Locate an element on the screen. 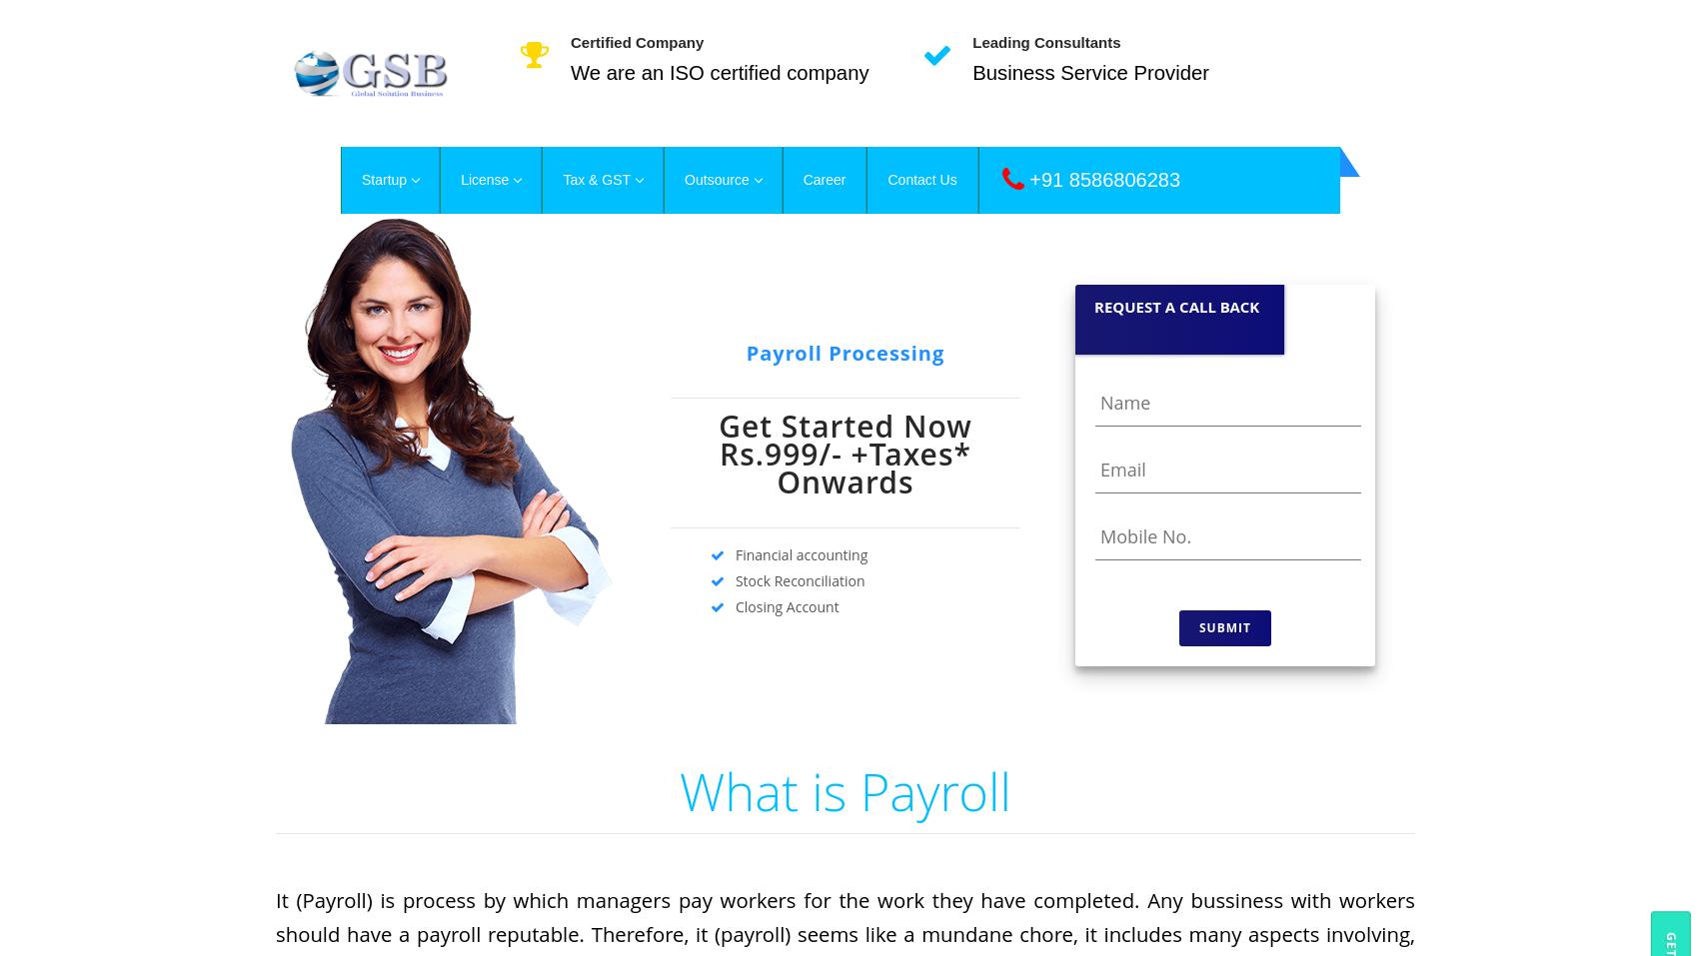 The image size is (1706, 956). 'Business Service Provider' is located at coordinates (1089, 72).